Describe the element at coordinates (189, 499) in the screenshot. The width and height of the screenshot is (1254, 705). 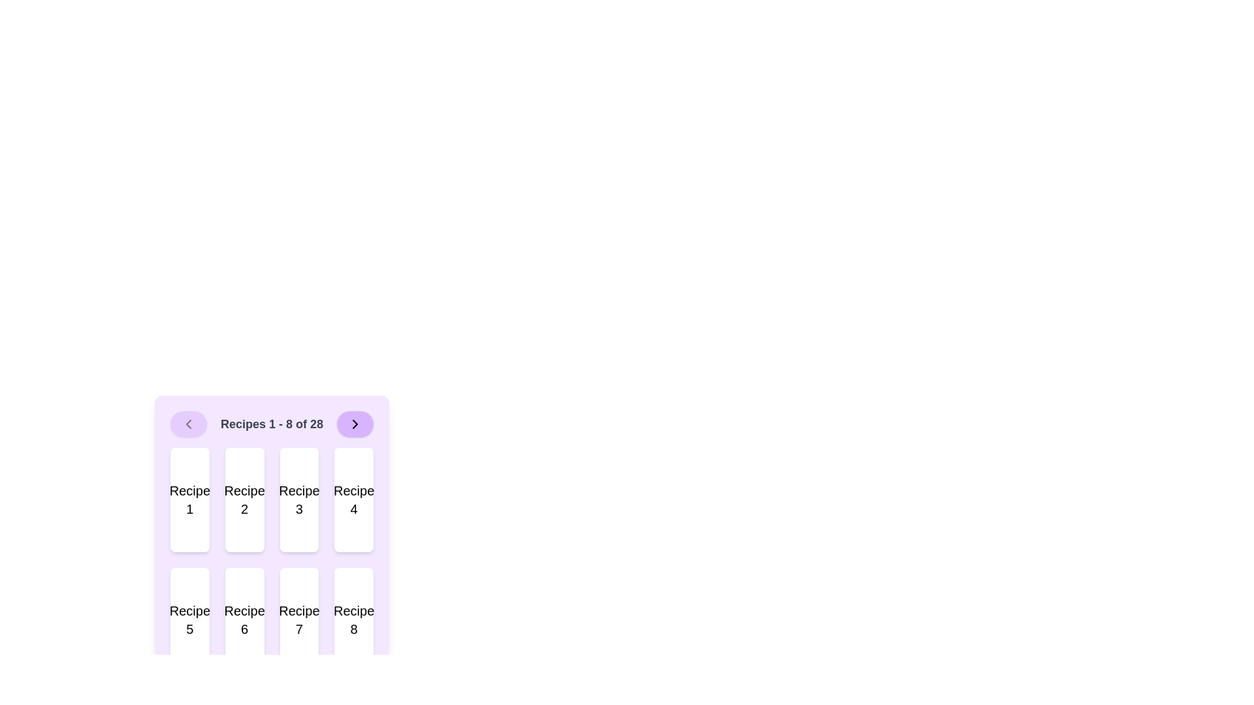
I see `the text component displaying 'Recipe 1' which is centered within its card and features a bold font` at that location.